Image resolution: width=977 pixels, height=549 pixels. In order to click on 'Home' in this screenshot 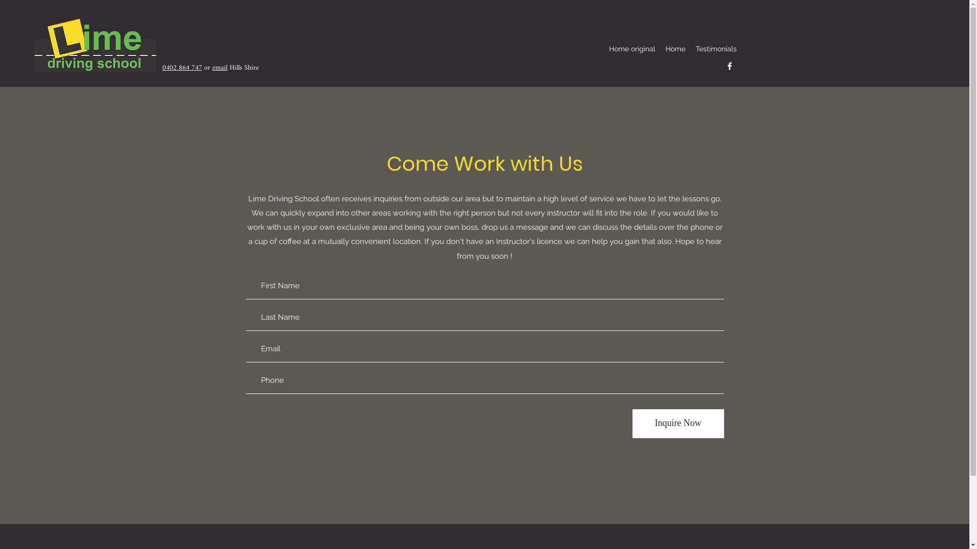, I will do `click(660, 49)`.